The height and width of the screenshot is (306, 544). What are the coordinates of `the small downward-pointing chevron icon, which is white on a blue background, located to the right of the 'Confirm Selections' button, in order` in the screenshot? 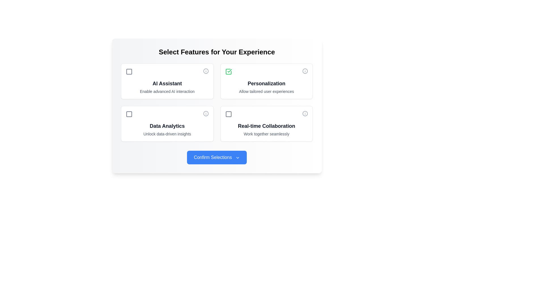 It's located at (237, 158).